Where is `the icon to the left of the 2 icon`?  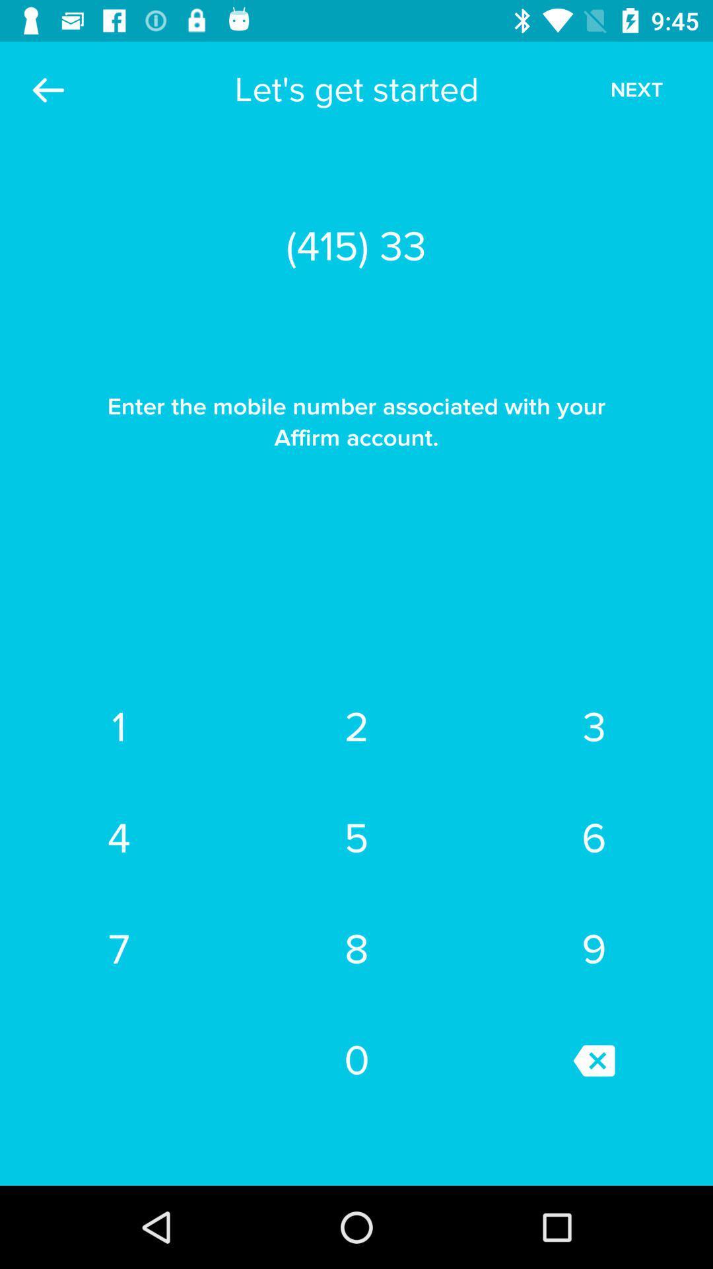
the icon to the left of the 2 icon is located at coordinates (119, 837).